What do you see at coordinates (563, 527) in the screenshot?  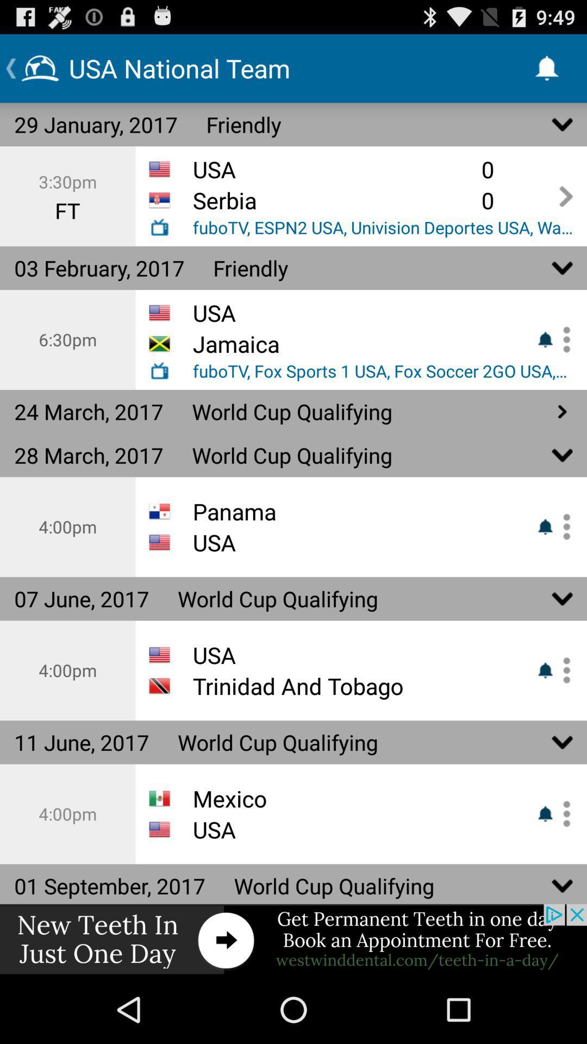 I see `like share more` at bounding box center [563, 527].